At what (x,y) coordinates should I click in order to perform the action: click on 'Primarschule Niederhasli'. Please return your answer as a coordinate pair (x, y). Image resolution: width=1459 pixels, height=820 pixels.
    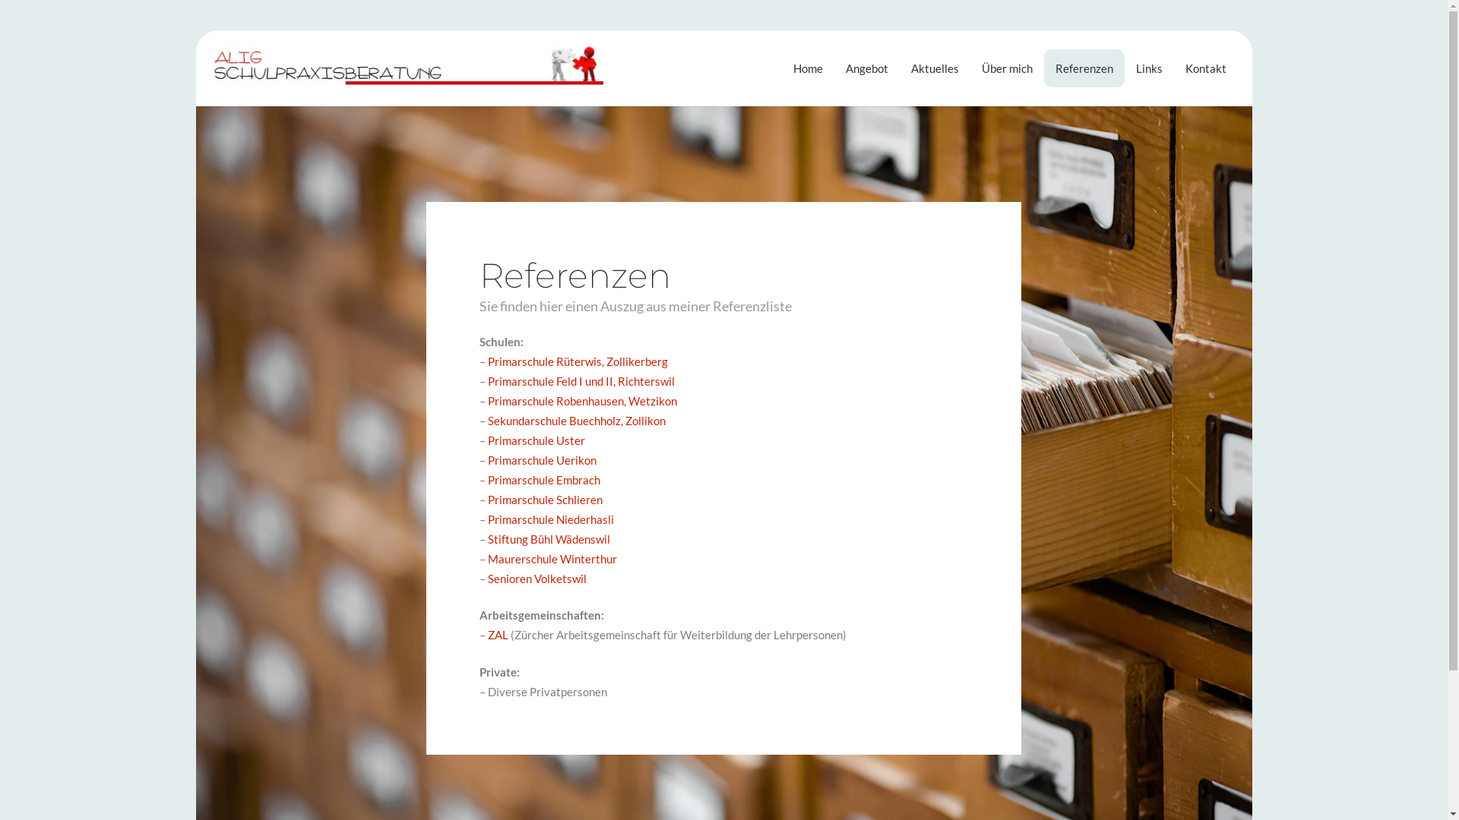
    Looking at the image, I should click on (549, 518).